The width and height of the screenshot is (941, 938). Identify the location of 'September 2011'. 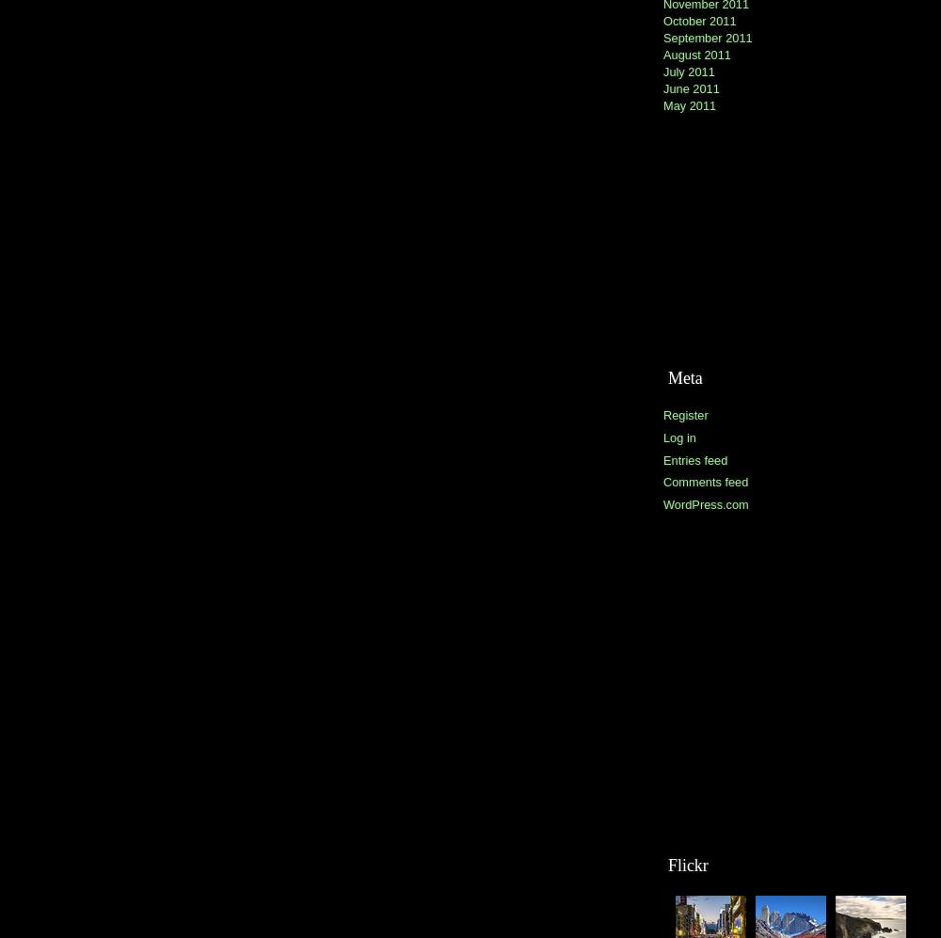
(708, 37).